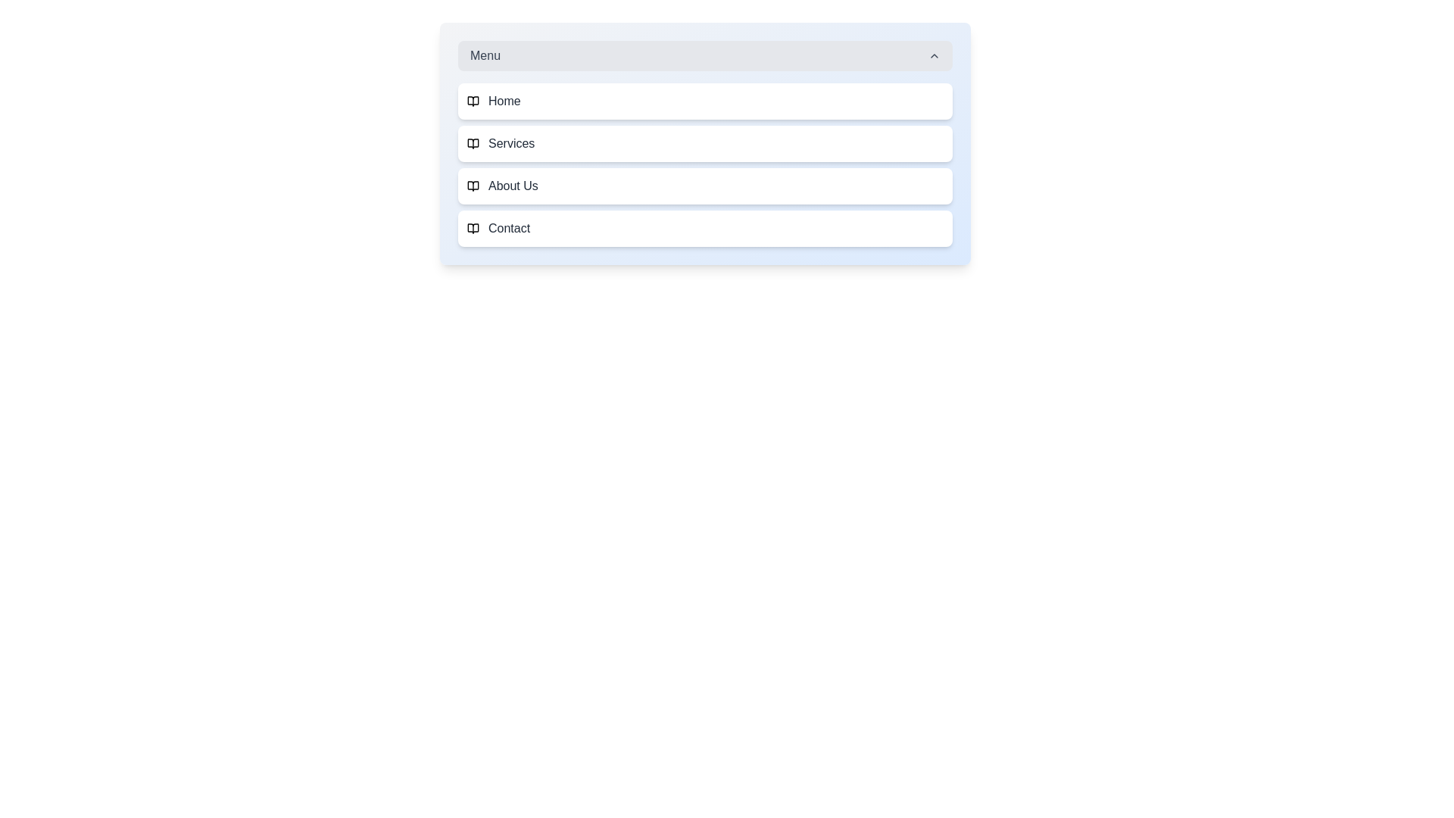 The image size is (1454, 818). What do you see at coordinates (704, 165) in the screenshot?
I see `the 'Services' navigation menu item, which is the second item in a vertical list of four menu items` at bounding box center [704, 165].